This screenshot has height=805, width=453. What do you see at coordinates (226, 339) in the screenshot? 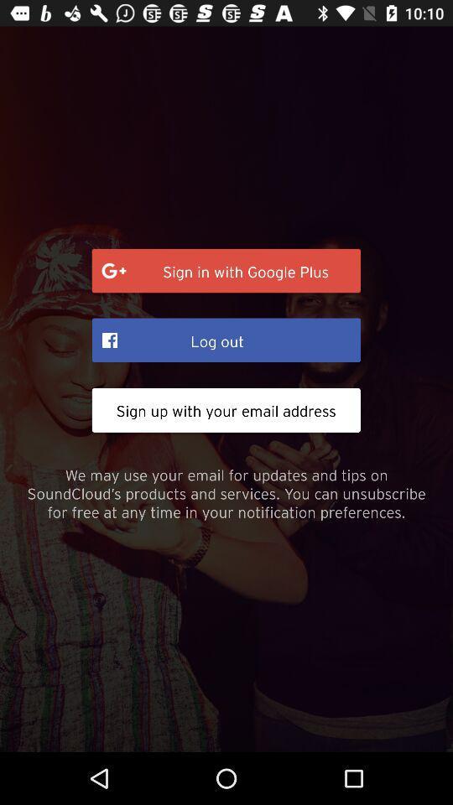
I see `icon below sign in with item` at bounding box center [226, 339].